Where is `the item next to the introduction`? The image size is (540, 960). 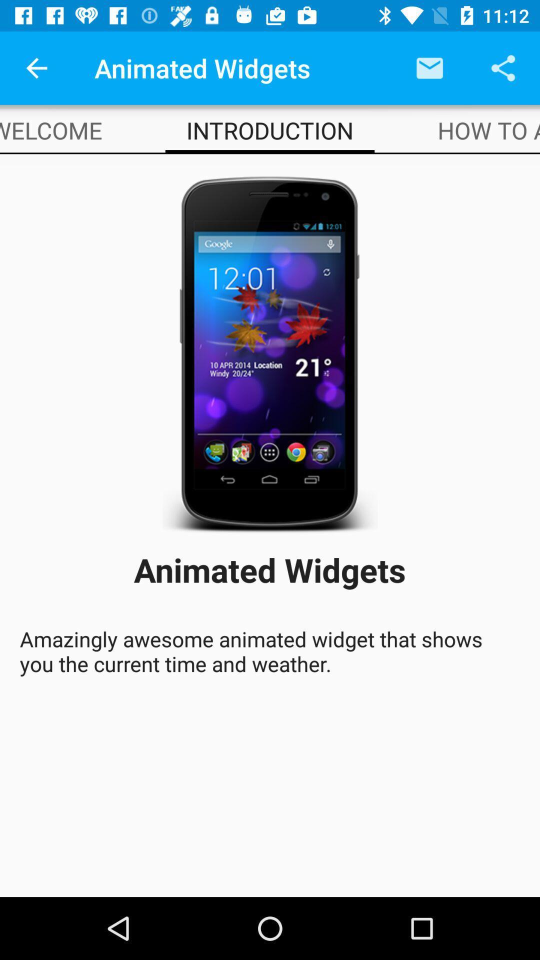 the item next to the introduction is located at coordinates (488, 129).